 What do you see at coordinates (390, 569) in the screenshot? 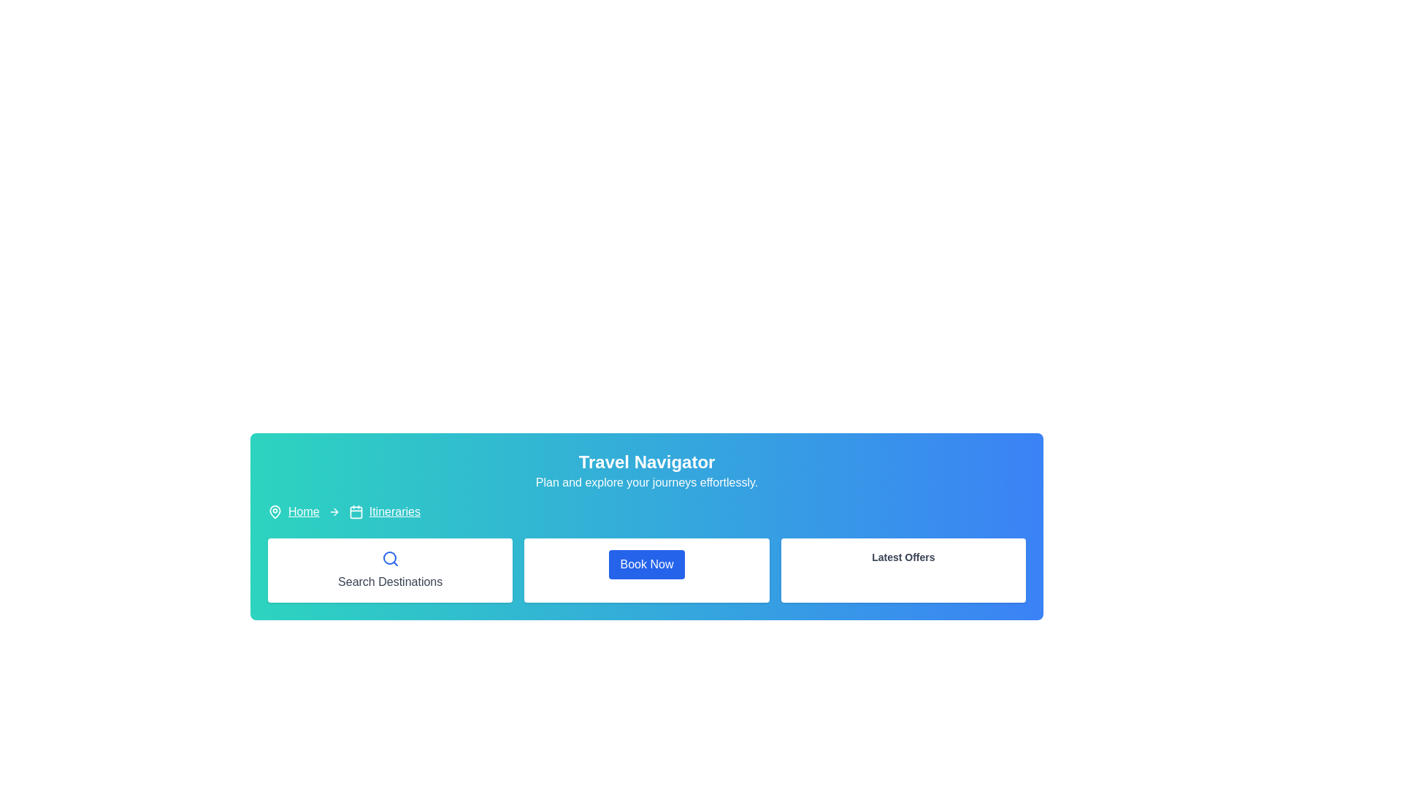
I see `the leftmost button in the Text and icon section, which is located below the title 'Travel Navigator'` at bounding box center [390, 569].